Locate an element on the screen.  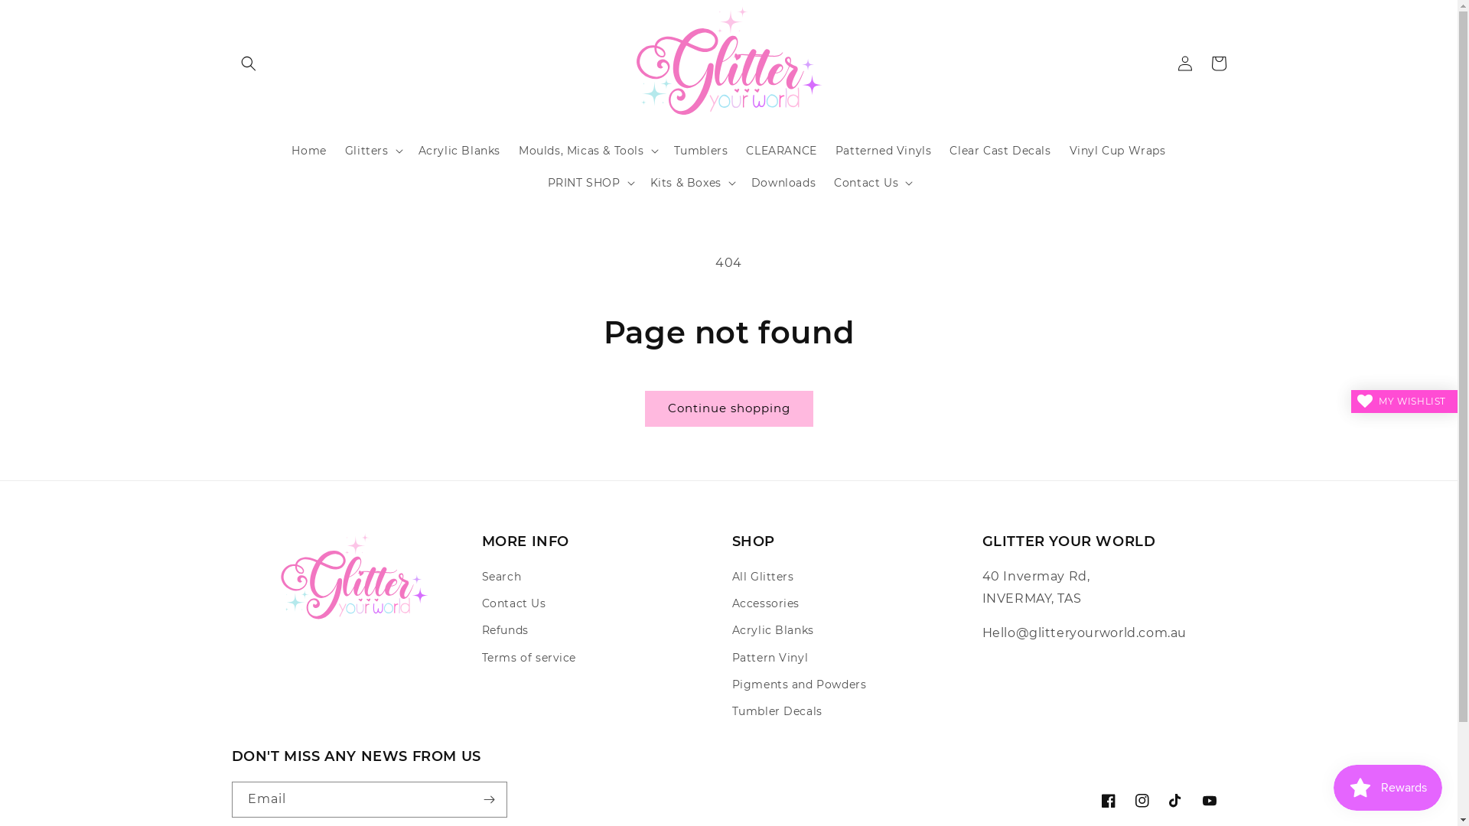
'Accessories' is located at coordinates (730, 603).